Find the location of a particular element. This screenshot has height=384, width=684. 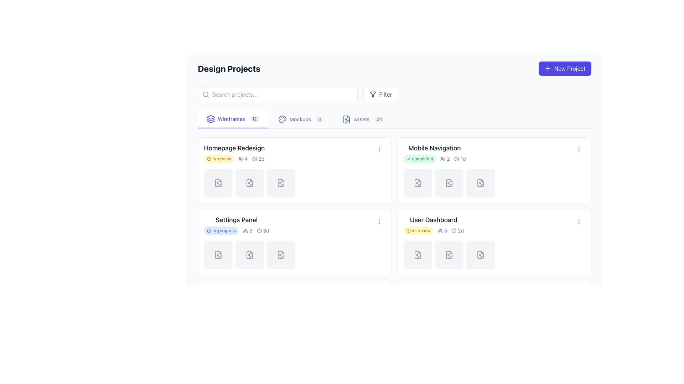

the bold, large gray text label displaying 'Design Projects' located in the top-left quadrant of the interface, positioned above the search and filter controls and to the left of the 'New Project' button is located at coordinates (229, 68).